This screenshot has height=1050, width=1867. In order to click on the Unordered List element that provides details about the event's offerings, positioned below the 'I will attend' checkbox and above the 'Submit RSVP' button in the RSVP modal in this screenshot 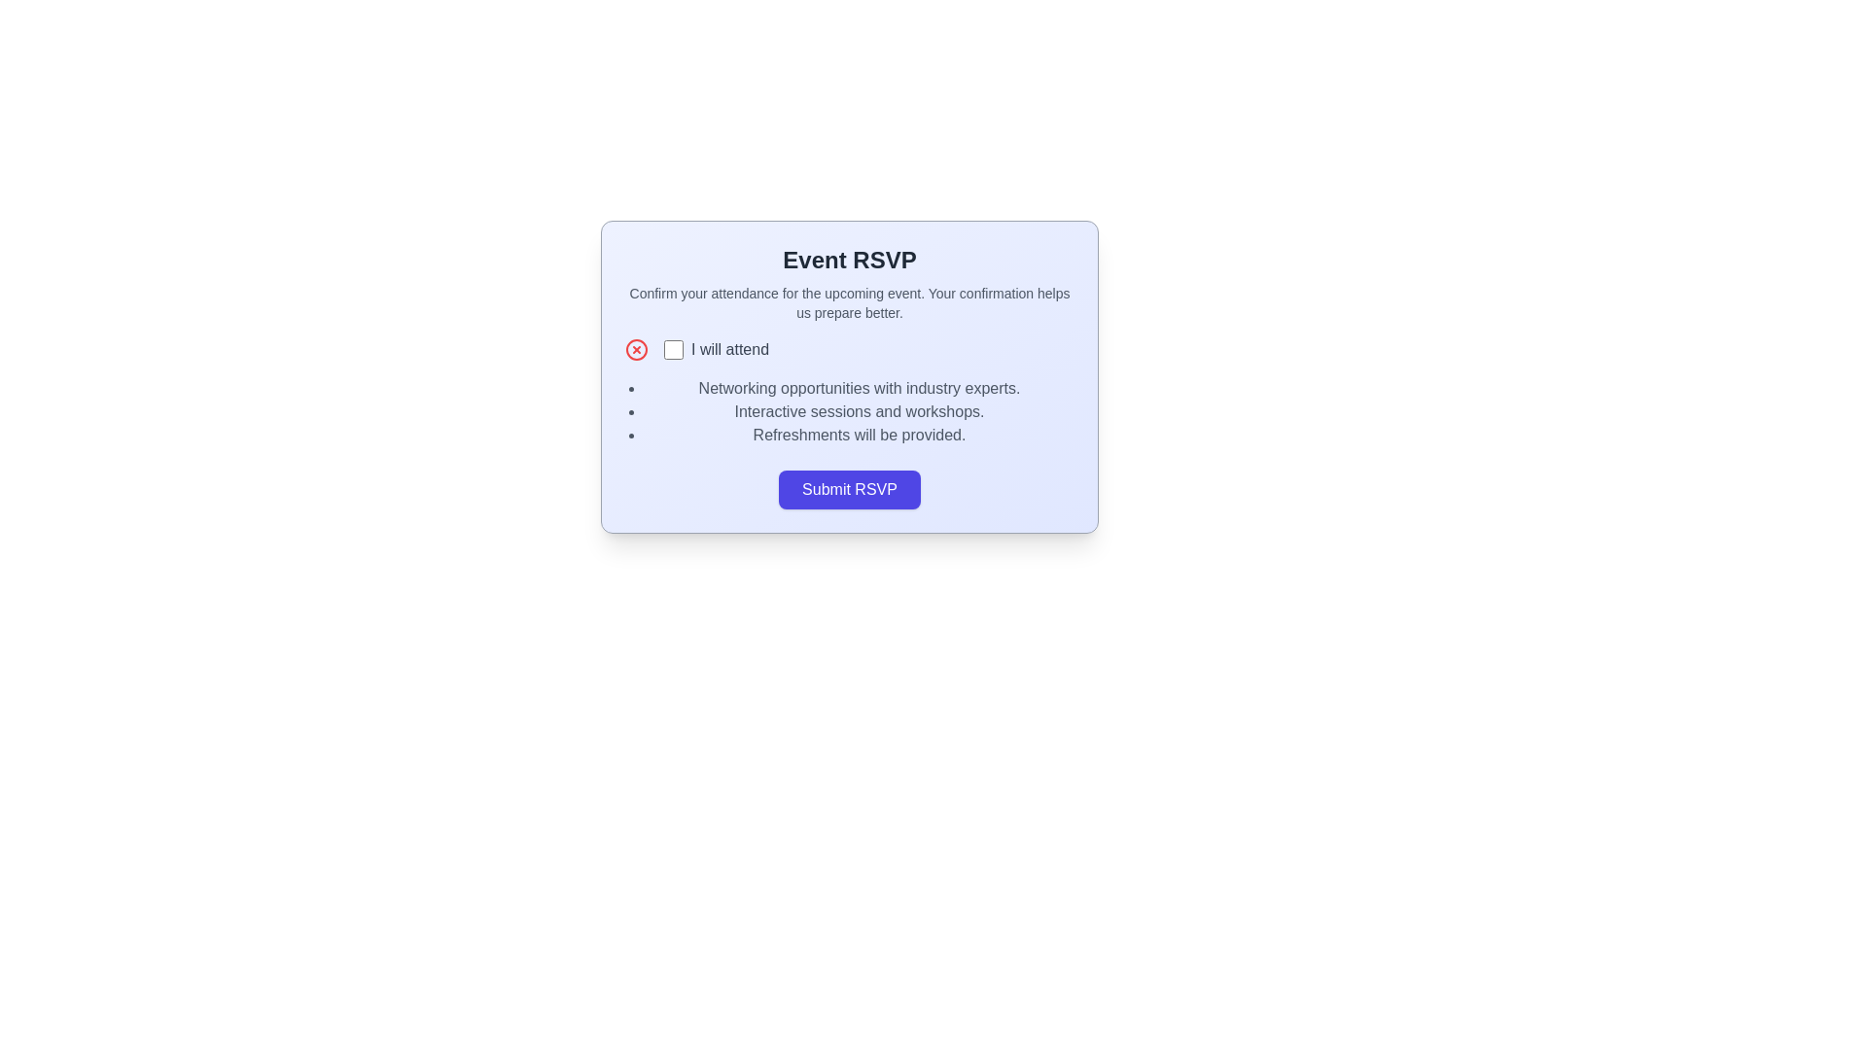, I will do `click(849, 411)`.